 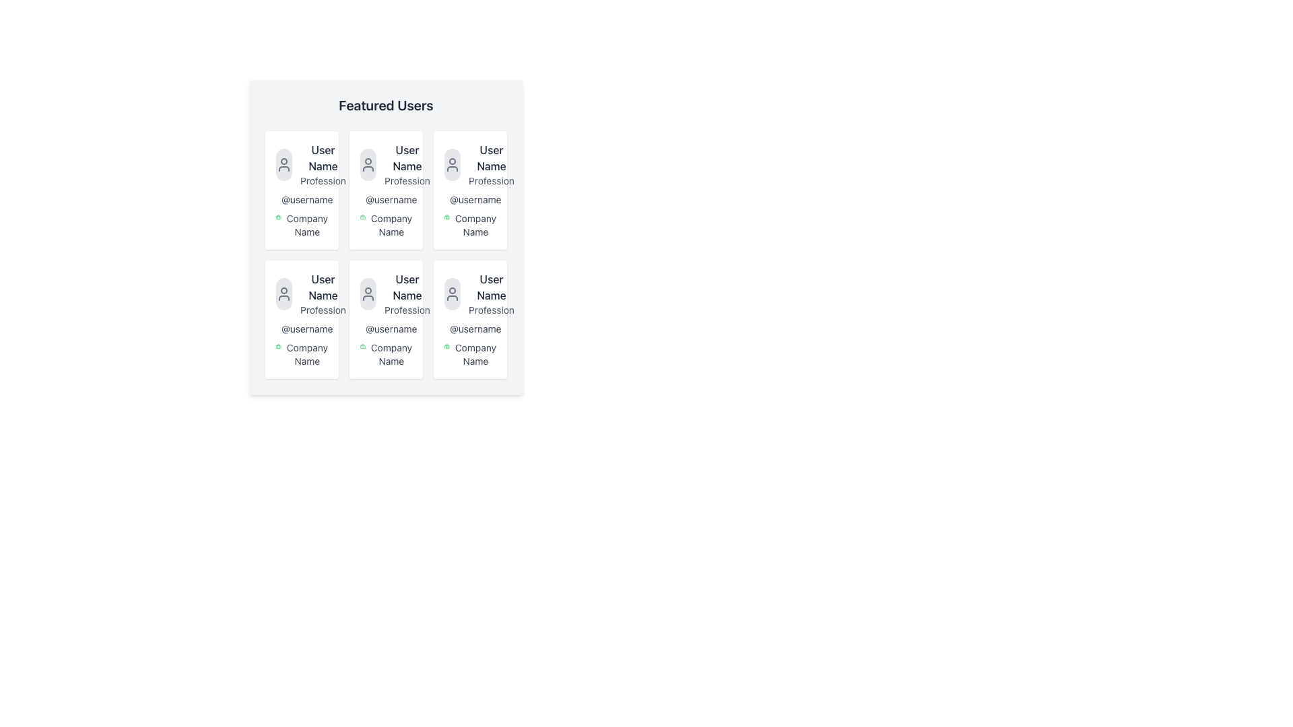 What do you see at coordinates (390, 200) in the screenshot?
I see `the username text located in the second column of the first row of the user profiles grid, directly below the 'User Name Profession' heading` at bounding box center [390, 200].